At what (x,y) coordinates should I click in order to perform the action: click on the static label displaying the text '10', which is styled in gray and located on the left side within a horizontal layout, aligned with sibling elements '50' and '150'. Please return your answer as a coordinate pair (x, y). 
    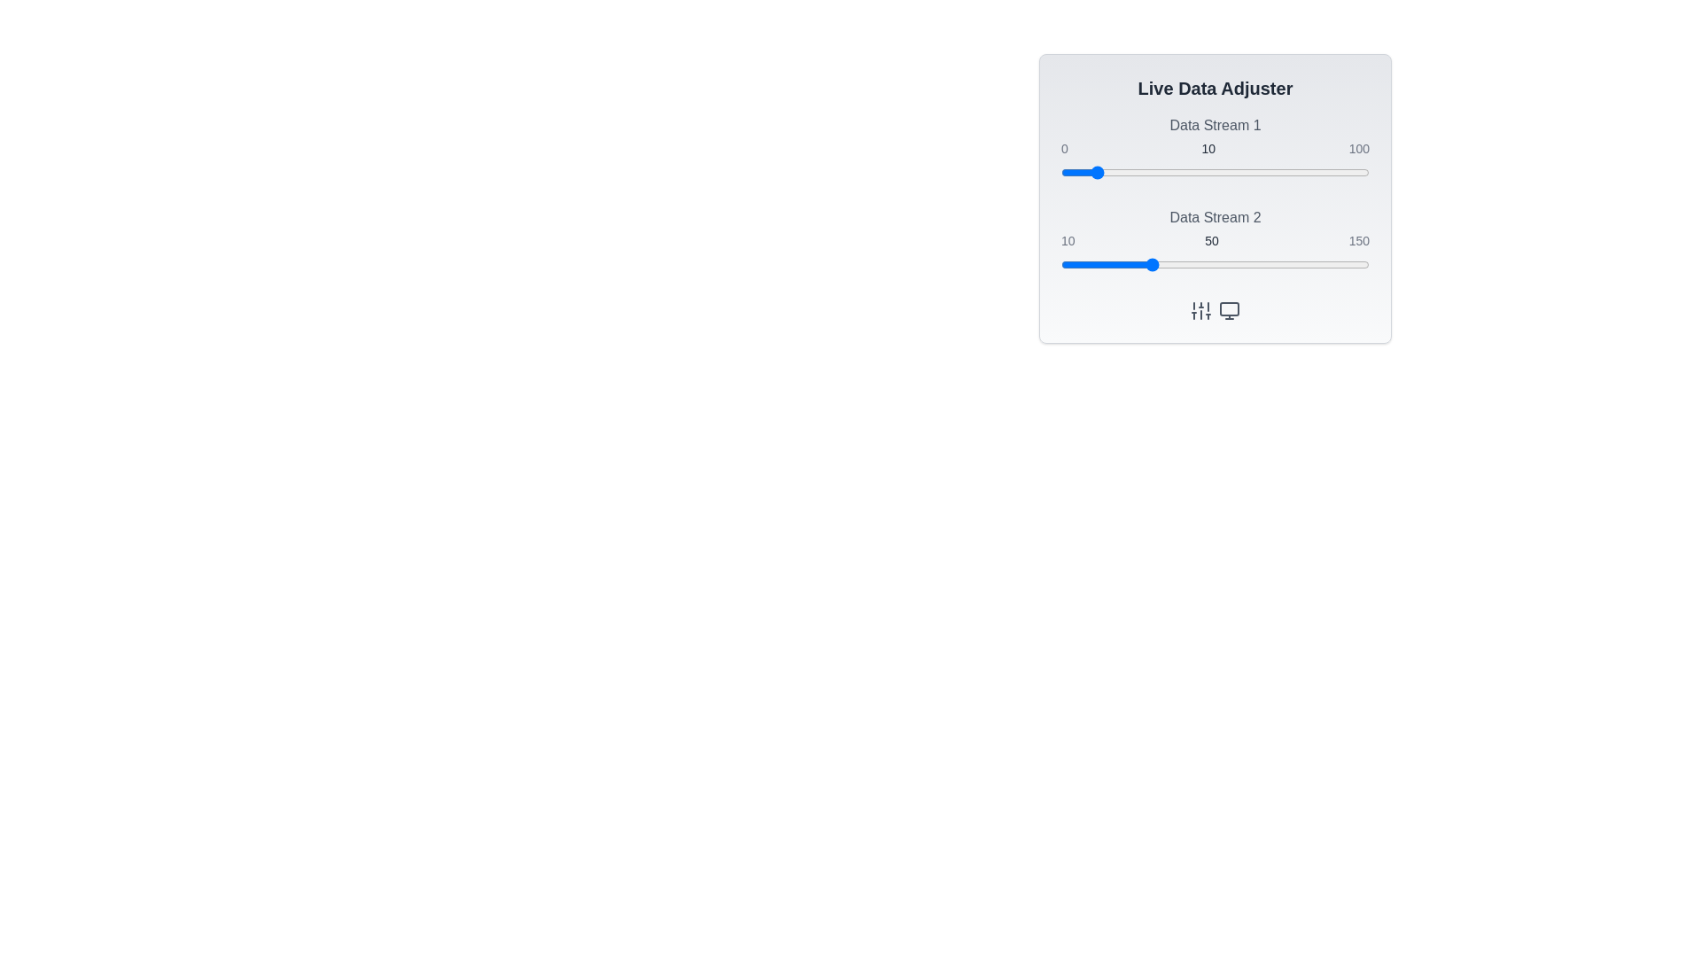
    Looking at the image, I should click on (1067, 241).